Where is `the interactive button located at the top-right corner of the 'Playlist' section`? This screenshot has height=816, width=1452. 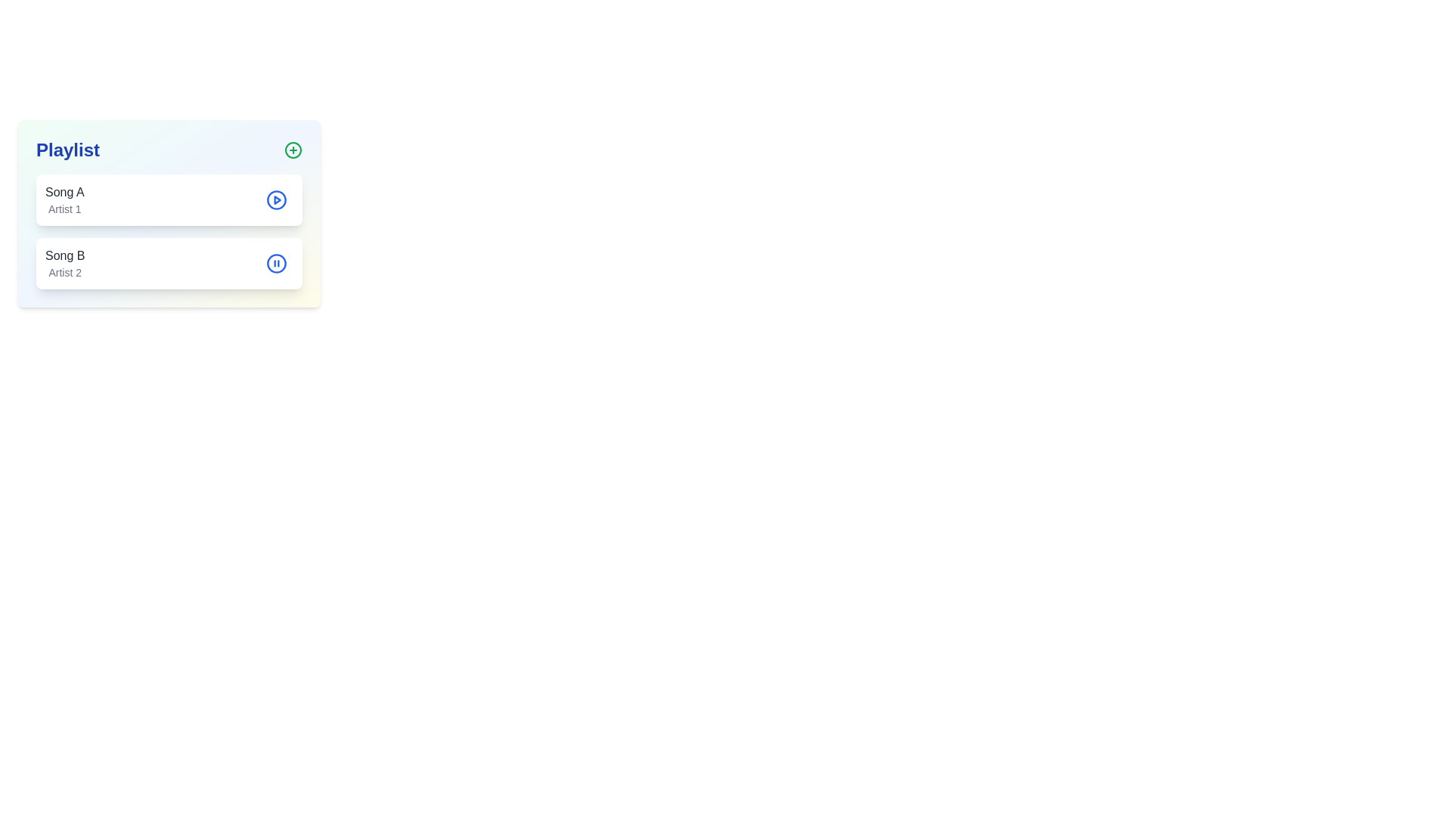
the interactive button located at the top-right corner of the 'Playlist' section is located at coordinates (293, 150).